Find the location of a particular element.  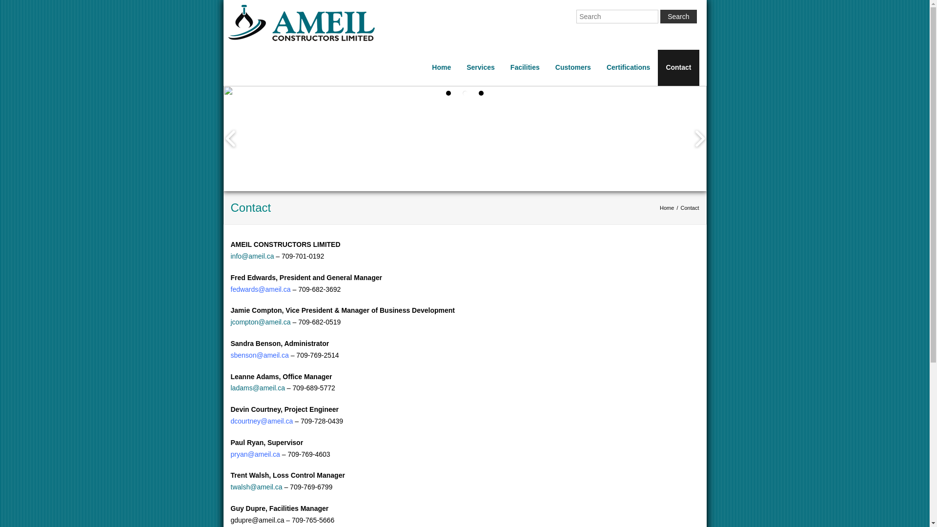

'ladams@ameil.ca' is located at coordinates (257, 387).